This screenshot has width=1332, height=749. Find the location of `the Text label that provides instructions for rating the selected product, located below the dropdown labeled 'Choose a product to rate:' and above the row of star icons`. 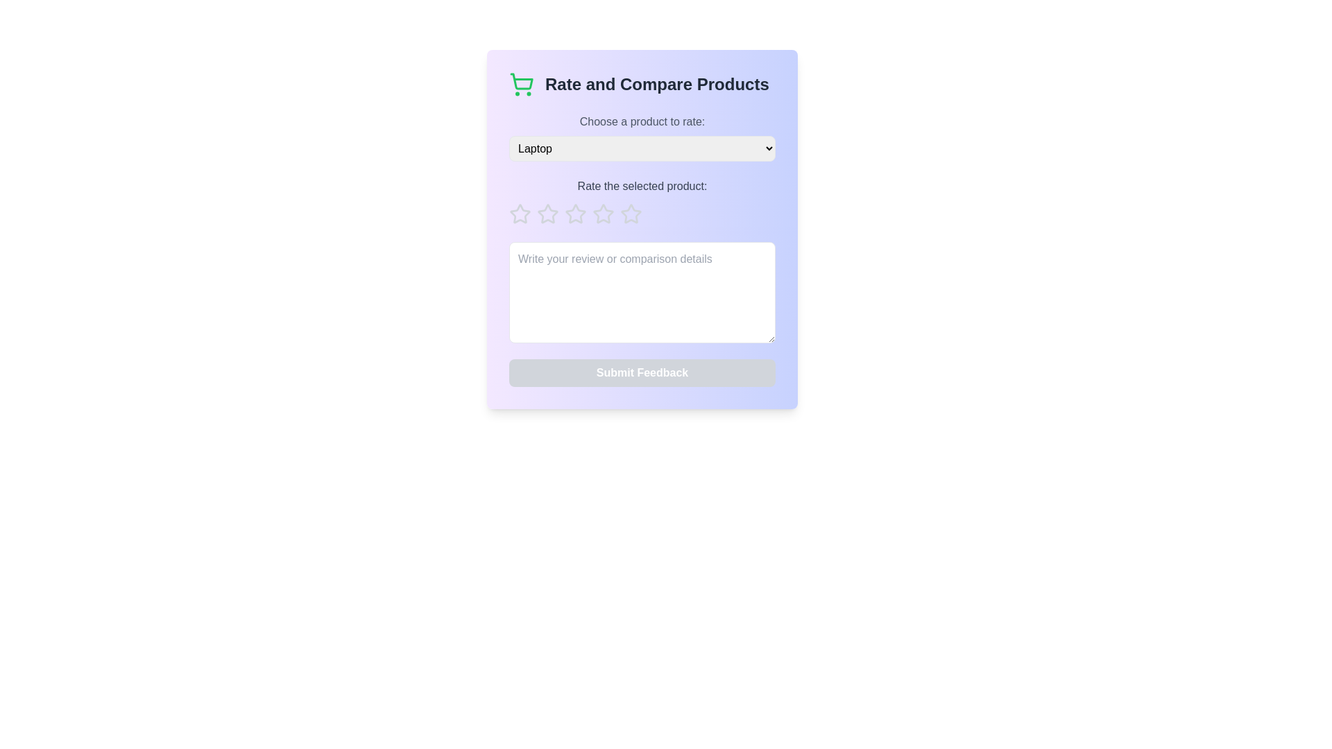

the Text label that provides instructions for rating the selected product, located below the dropdown labeled 'Choose a product to rate:' and above the row of star icons is located at coordinates (642, 186).